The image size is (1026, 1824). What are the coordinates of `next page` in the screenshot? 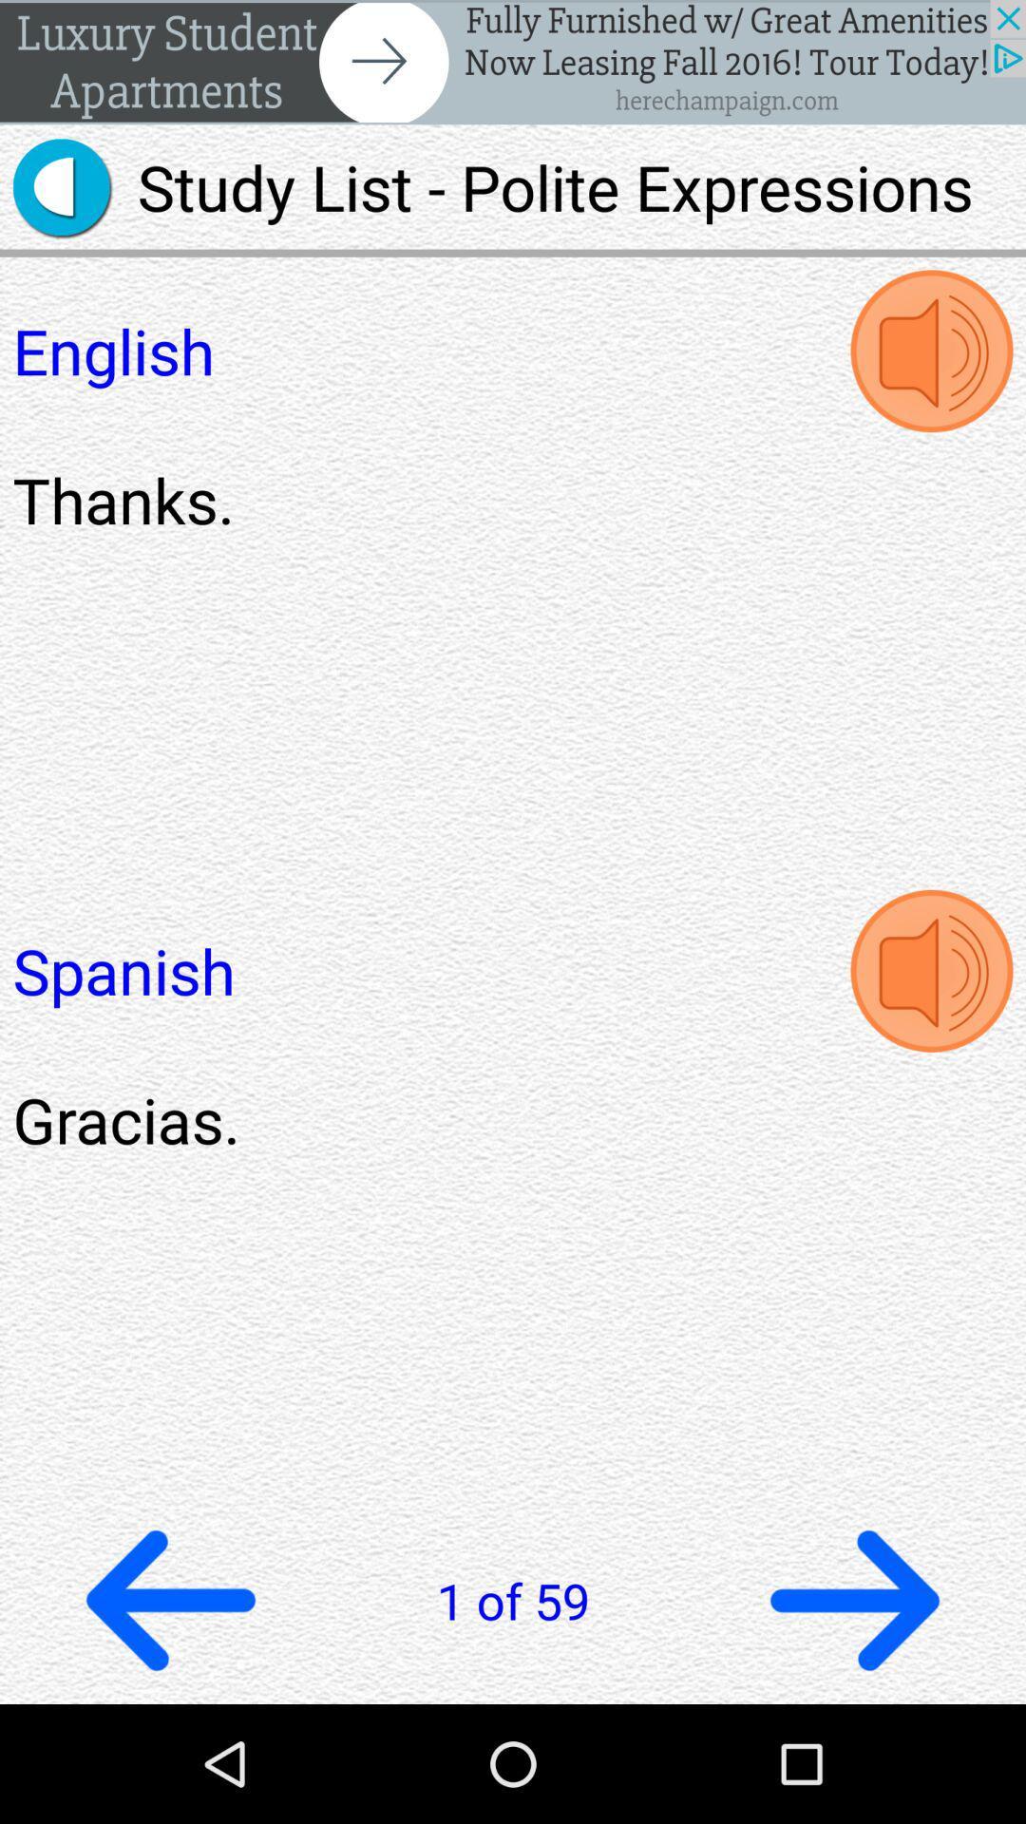 It's located at (853, 1599).